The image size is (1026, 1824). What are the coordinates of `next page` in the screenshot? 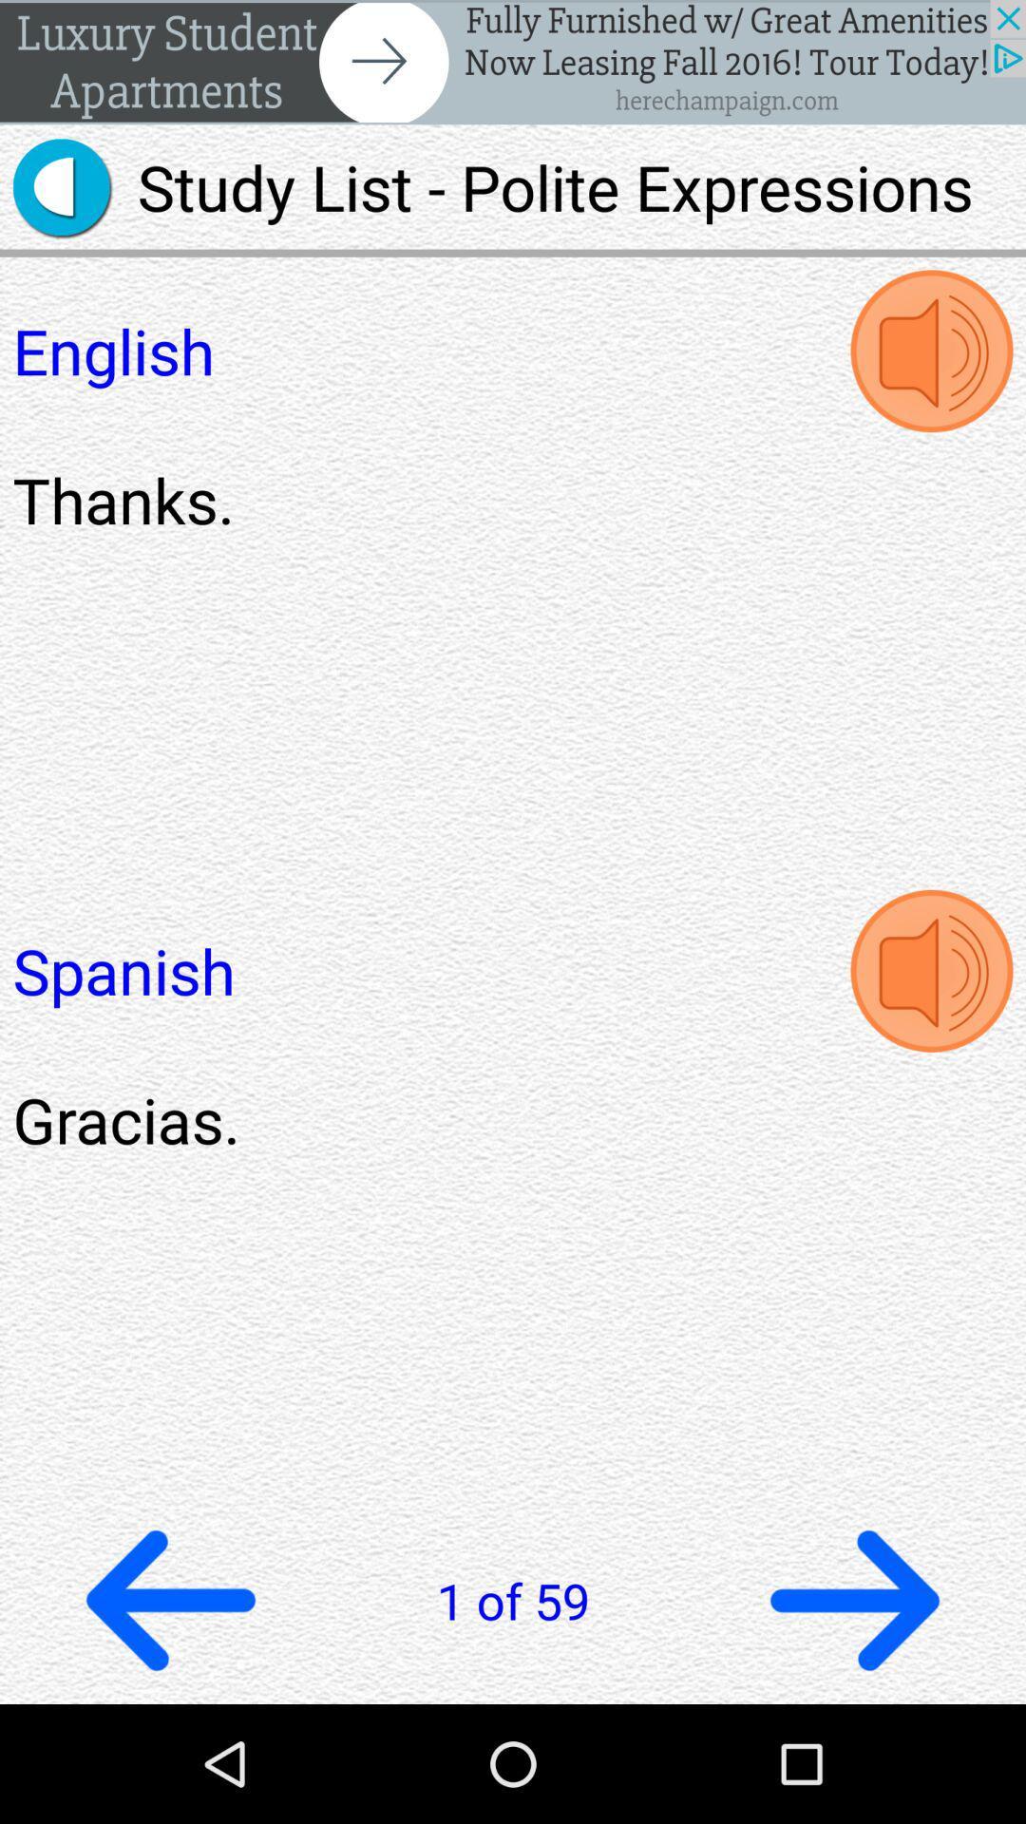 It's located at (853, 1599).